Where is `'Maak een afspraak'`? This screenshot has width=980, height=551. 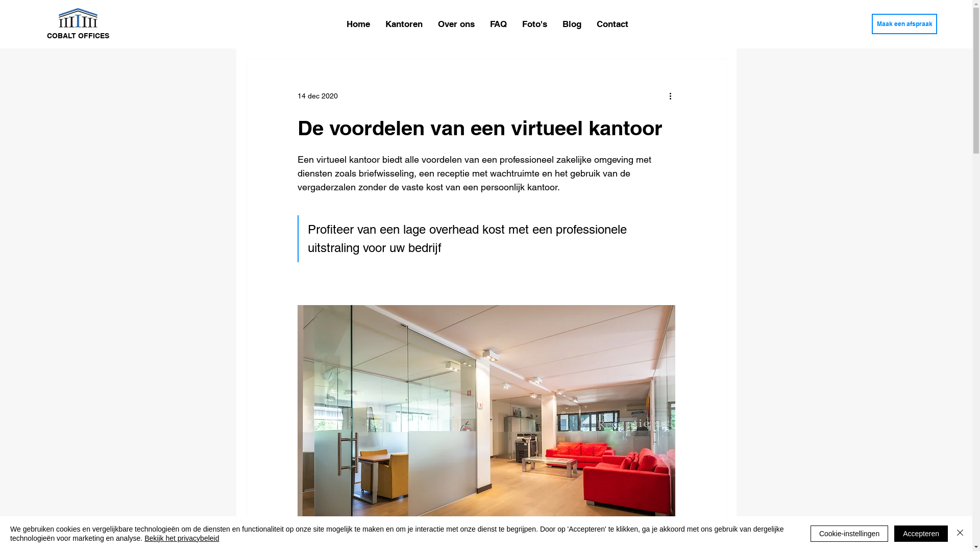 'Maak een afspraak' is located at coordinates (871, 23).